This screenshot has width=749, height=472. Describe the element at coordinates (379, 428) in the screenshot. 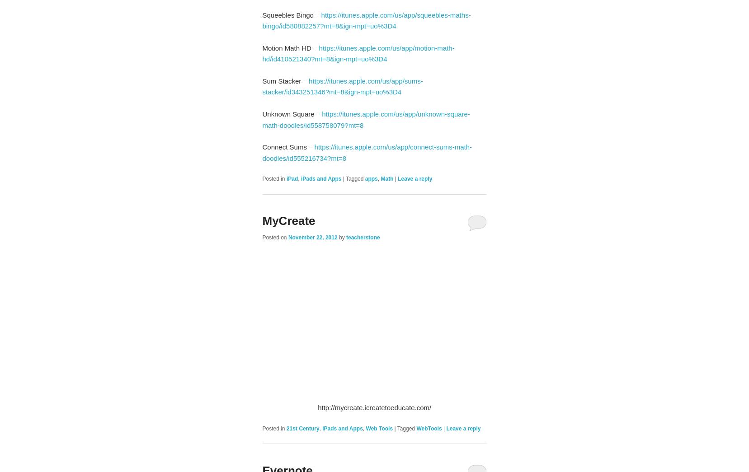

I see `'Web Tools'` at that location.